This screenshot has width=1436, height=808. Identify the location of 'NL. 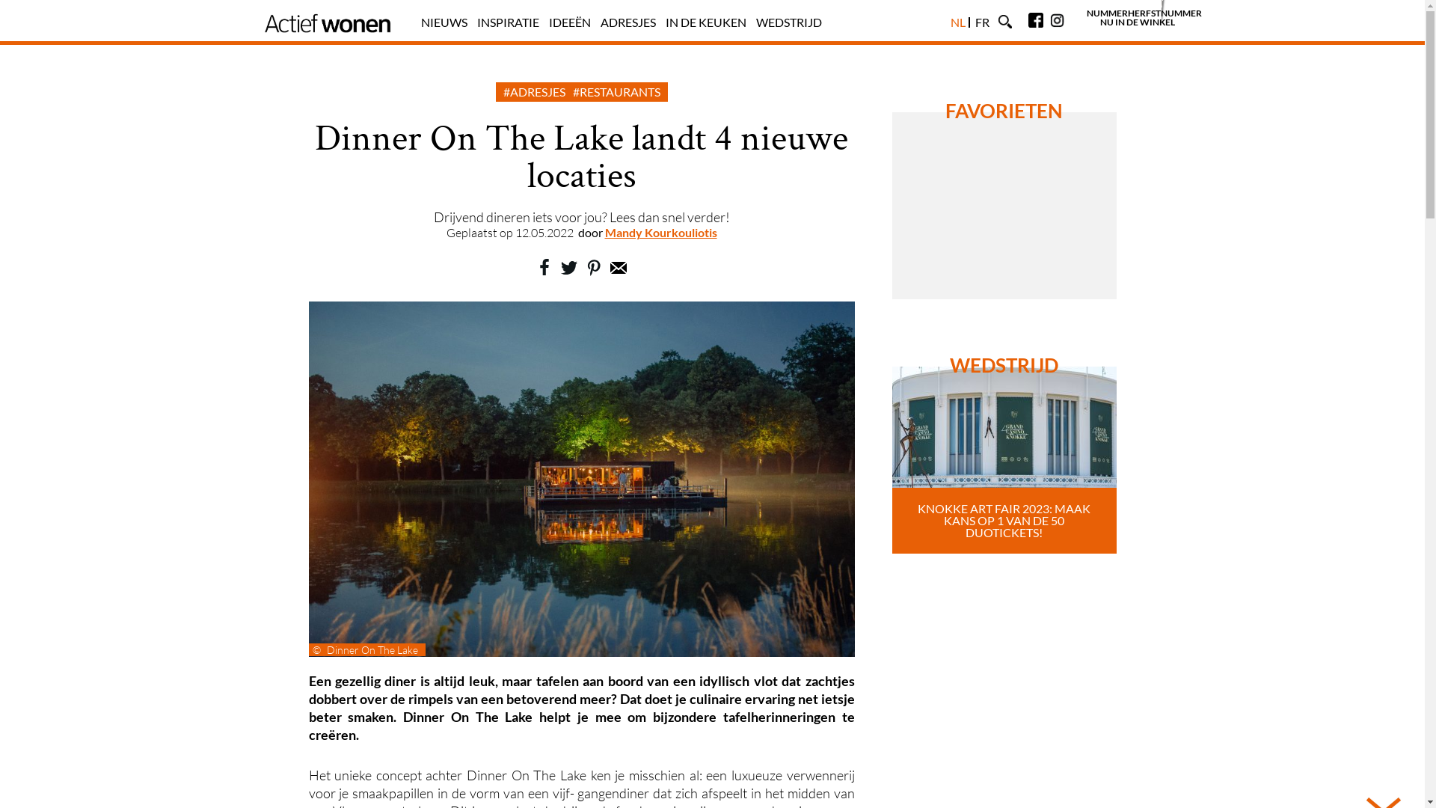
(957, 22).